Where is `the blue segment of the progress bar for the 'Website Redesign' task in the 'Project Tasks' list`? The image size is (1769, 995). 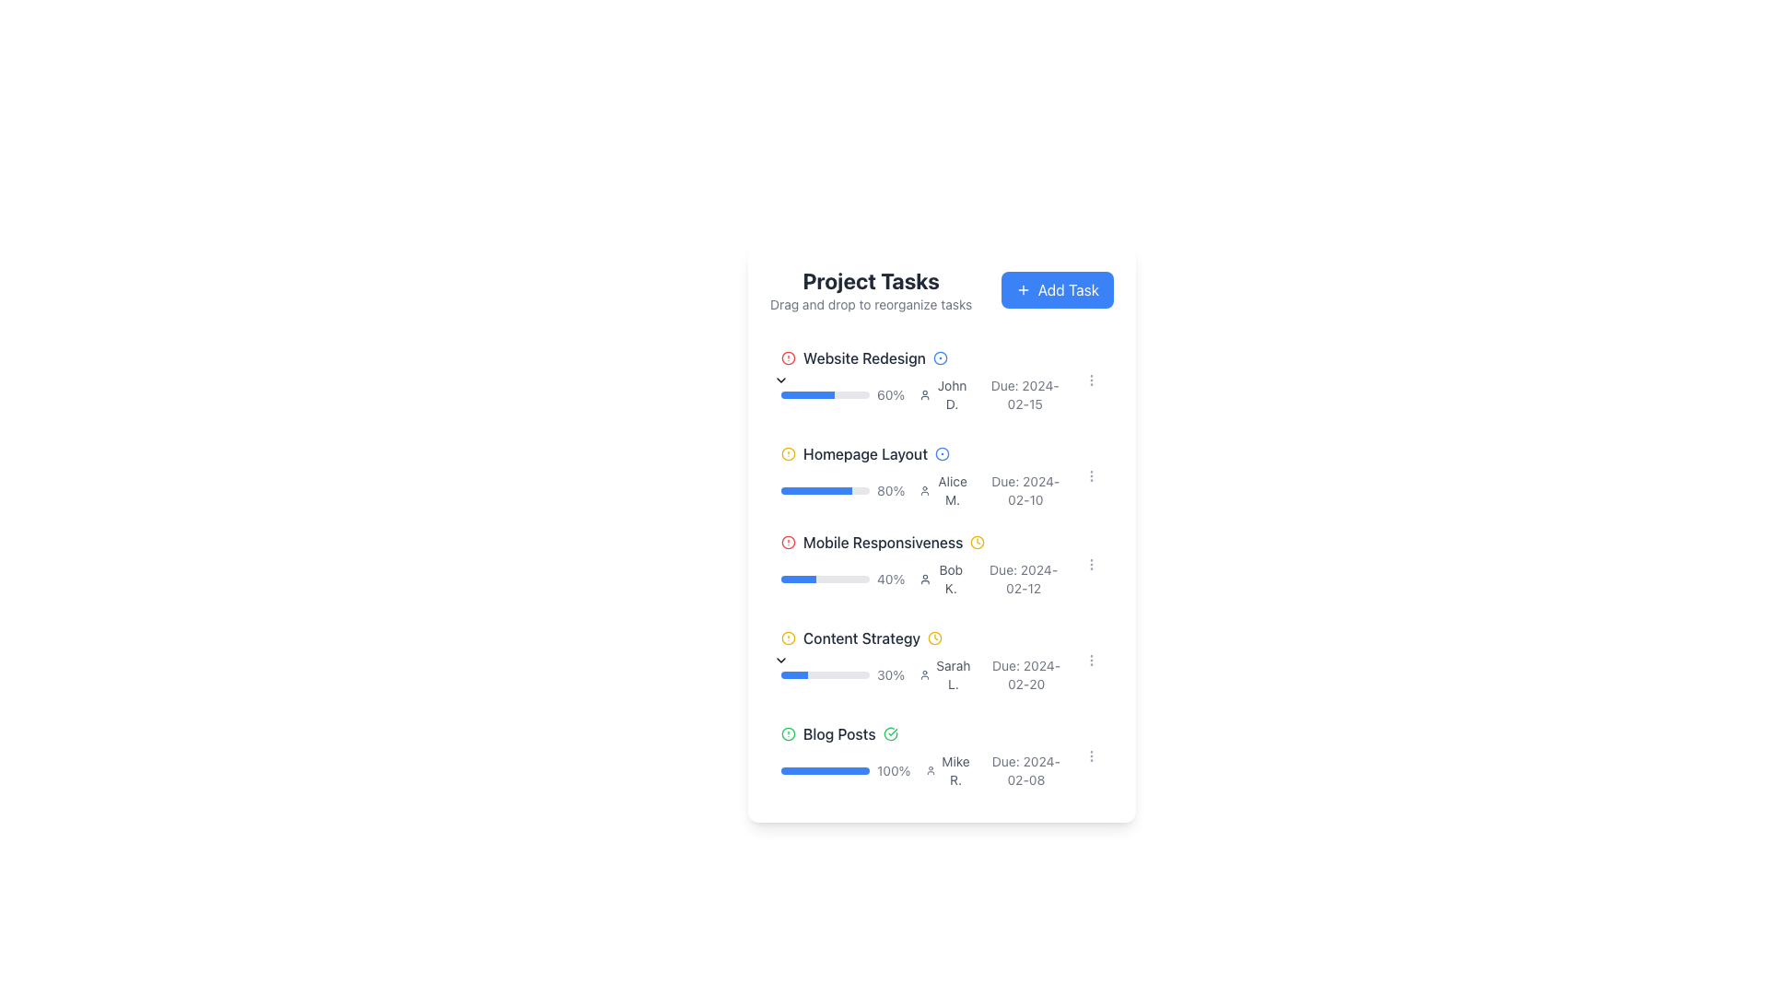
the blue segment of the progress bar for the 'Website Redesign' task in the 'Project Tasks' list is located at coordinates (807, 393).